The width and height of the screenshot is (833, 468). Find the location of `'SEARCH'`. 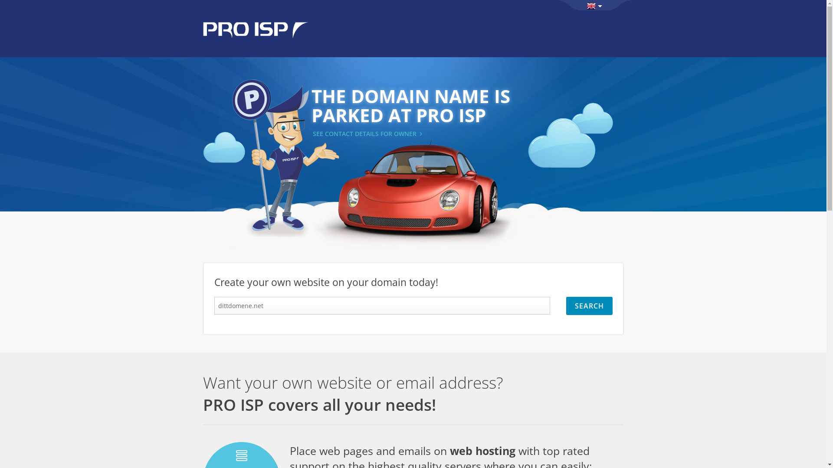

'SEARCH' is located at coordinates (589, 305).